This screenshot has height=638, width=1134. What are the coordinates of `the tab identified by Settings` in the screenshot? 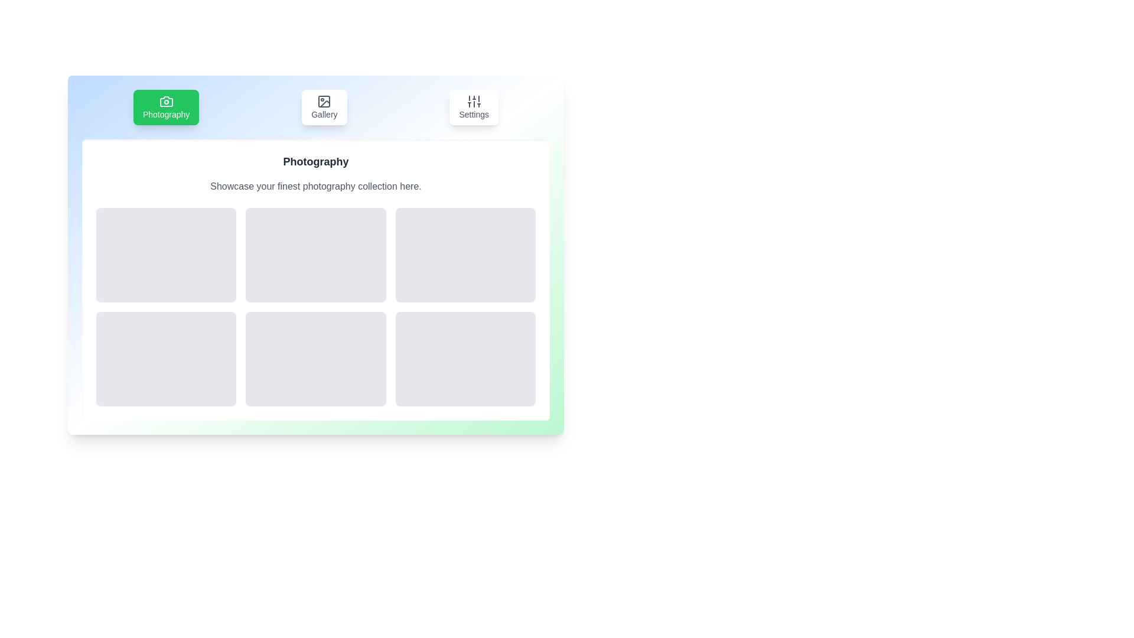 It's located at (474, 107).